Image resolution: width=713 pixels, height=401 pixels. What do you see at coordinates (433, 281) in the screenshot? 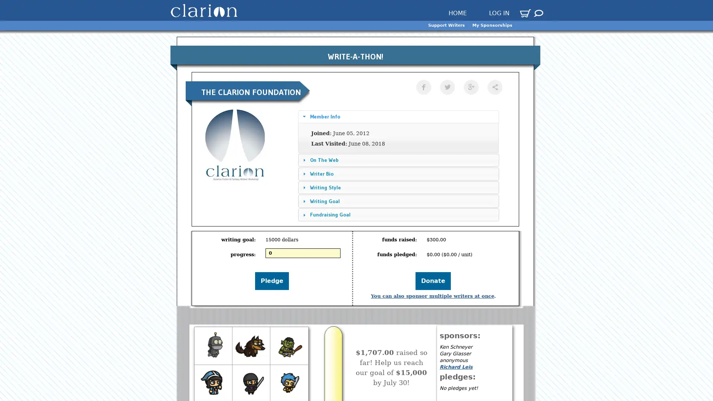
I see `Donate` at bounding box center [433, 281].